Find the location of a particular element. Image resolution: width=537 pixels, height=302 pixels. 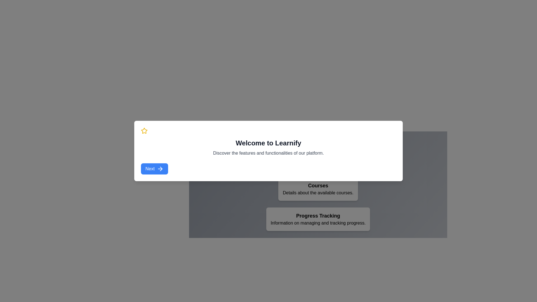

the right-pointing arrow icon located within the 'Next' button at the bottom-left corner of the modal window is located at coordinates (161, 169).